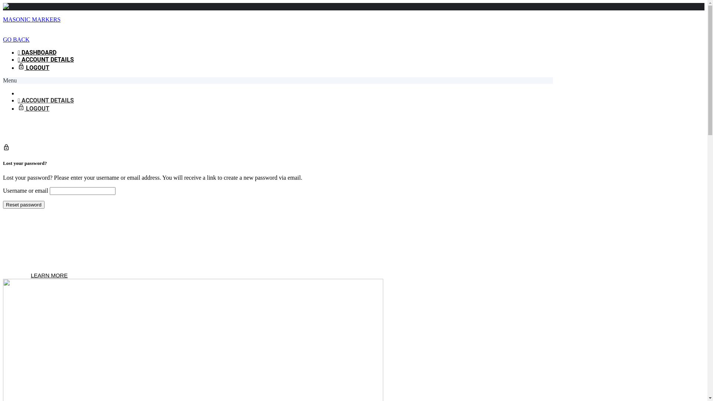 This screenshot has width=713, height=401. I want to click on 'ACCOUNT DETAILS', so click(45, 59).